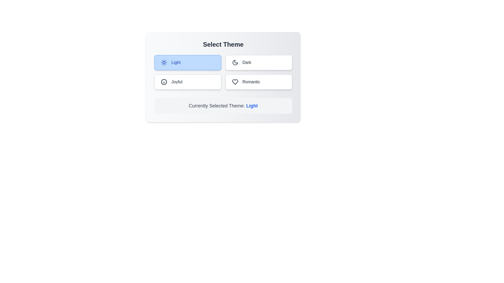  I want to click on the theme Romantic by clicking on the corresponding button, so click(259, 82).